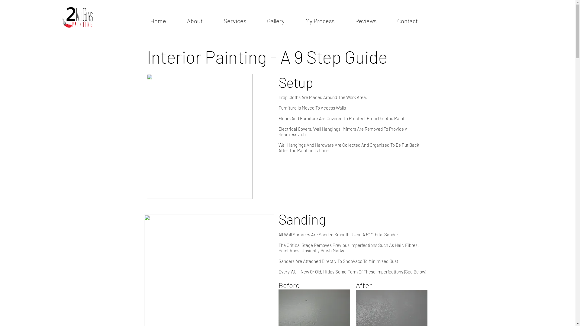  What do you see at coordinates (234, 21) in the screenshot?
I see `'Services'` at bounding box center [234, 21].